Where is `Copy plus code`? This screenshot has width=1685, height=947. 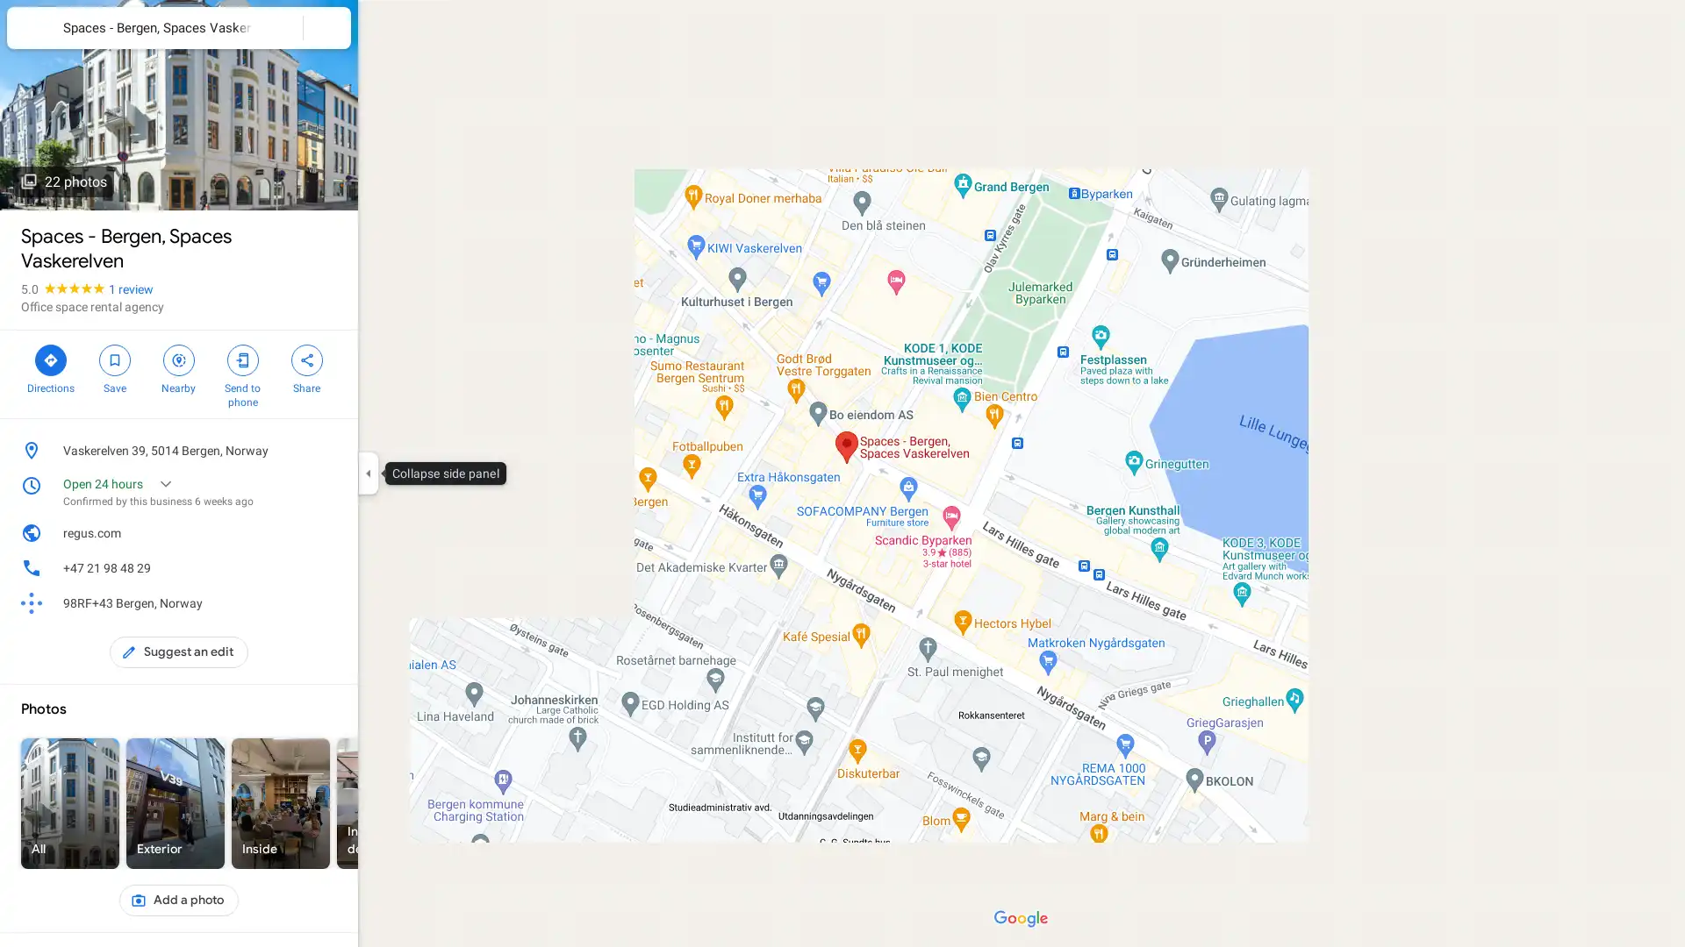
Copy plus code is located at coordinates (302, 602).